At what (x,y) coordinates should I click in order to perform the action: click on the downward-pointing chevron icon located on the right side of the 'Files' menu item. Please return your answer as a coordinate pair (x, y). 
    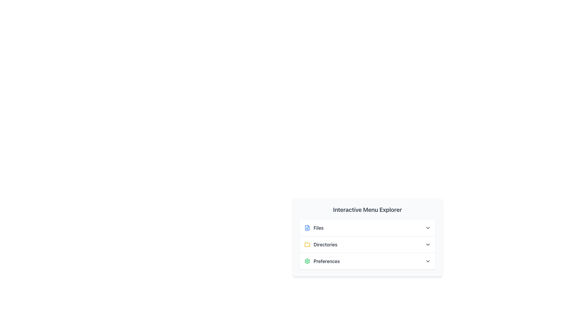
    Looking at the image, I should click on (428, 228).